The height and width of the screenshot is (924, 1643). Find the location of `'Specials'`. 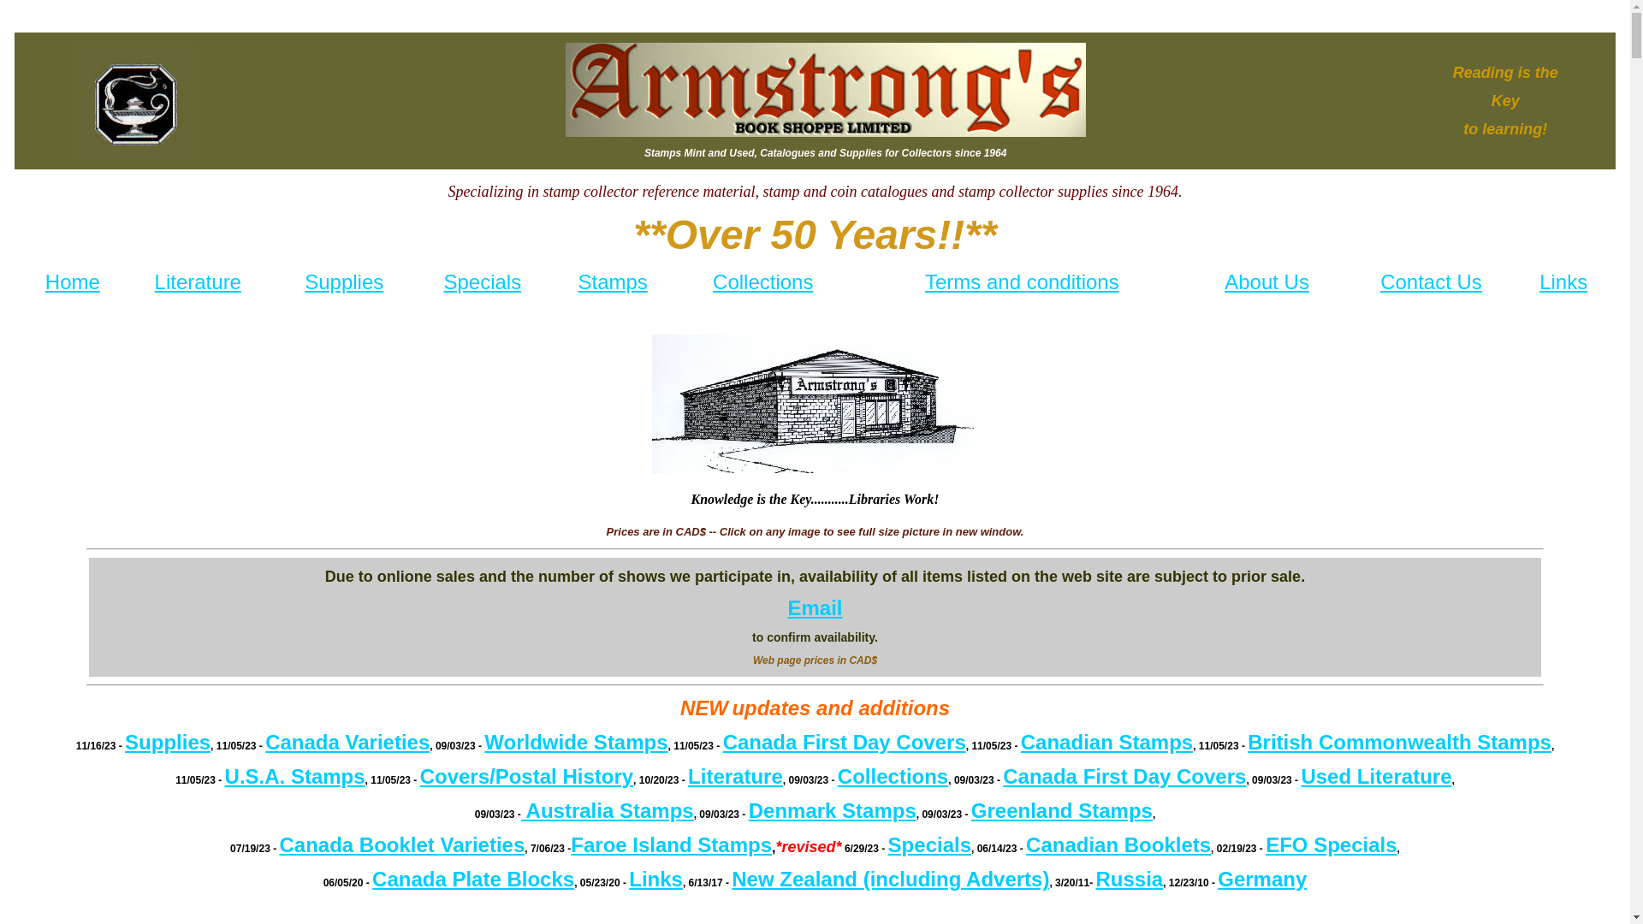

'Specials' is located at coordinates (481, 281).